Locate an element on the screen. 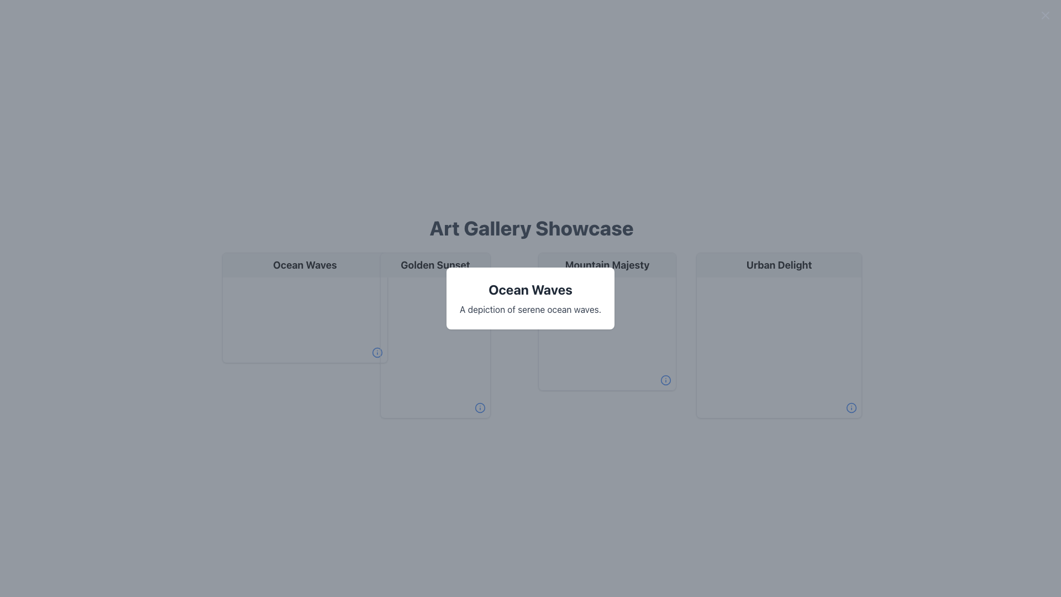 This screenshot has height=597, width=1061. the prominently styled text header reading 'Art Gallery Showcase', which is centered at the top of the section with large bold typography is located at coordinates (531, 227).